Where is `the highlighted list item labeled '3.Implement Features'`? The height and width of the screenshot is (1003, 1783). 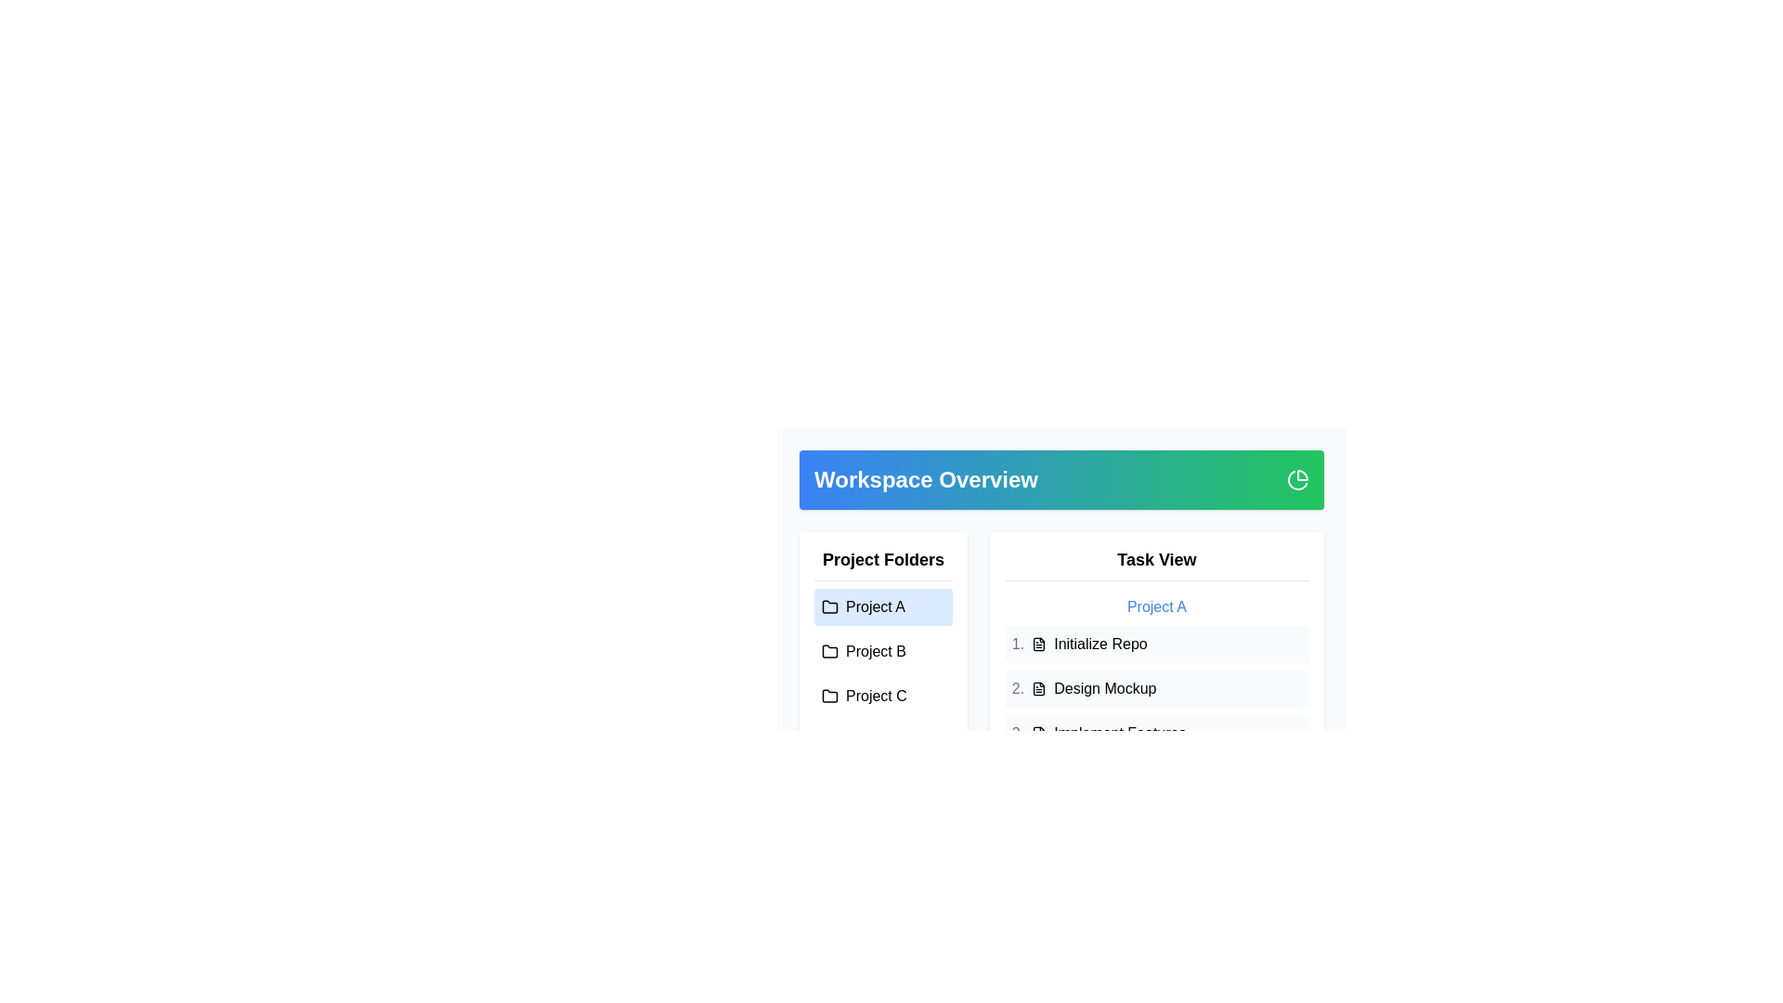 the highlighted list item labeled '3.Implement Features' is located at coordinates (1155, 733).